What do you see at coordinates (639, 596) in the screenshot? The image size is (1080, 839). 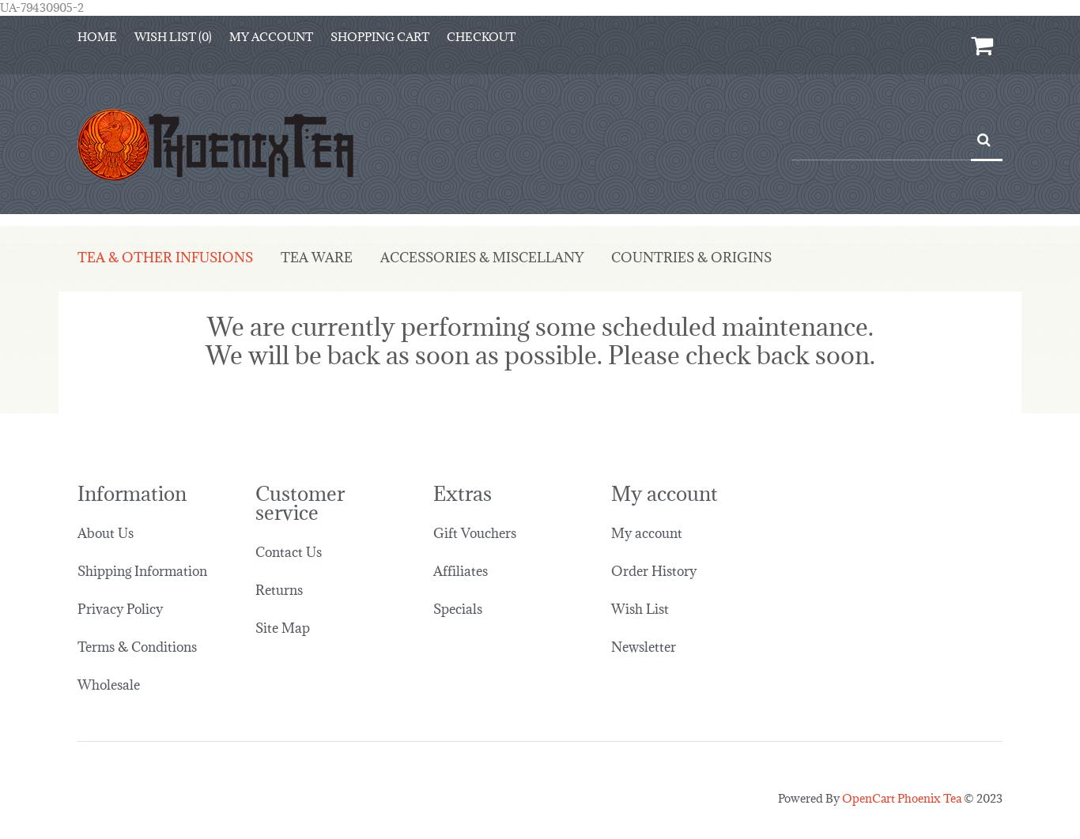 I see `'Wish List'` at bounding box center [639, 596].